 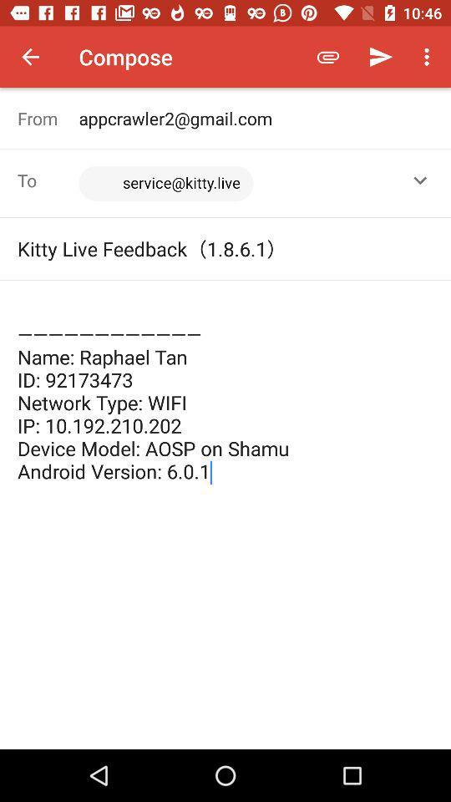 What do you see at coordinates (30, 57) in the screenshot?
I see `item to the left of compose` at bounding box center [30, 57].